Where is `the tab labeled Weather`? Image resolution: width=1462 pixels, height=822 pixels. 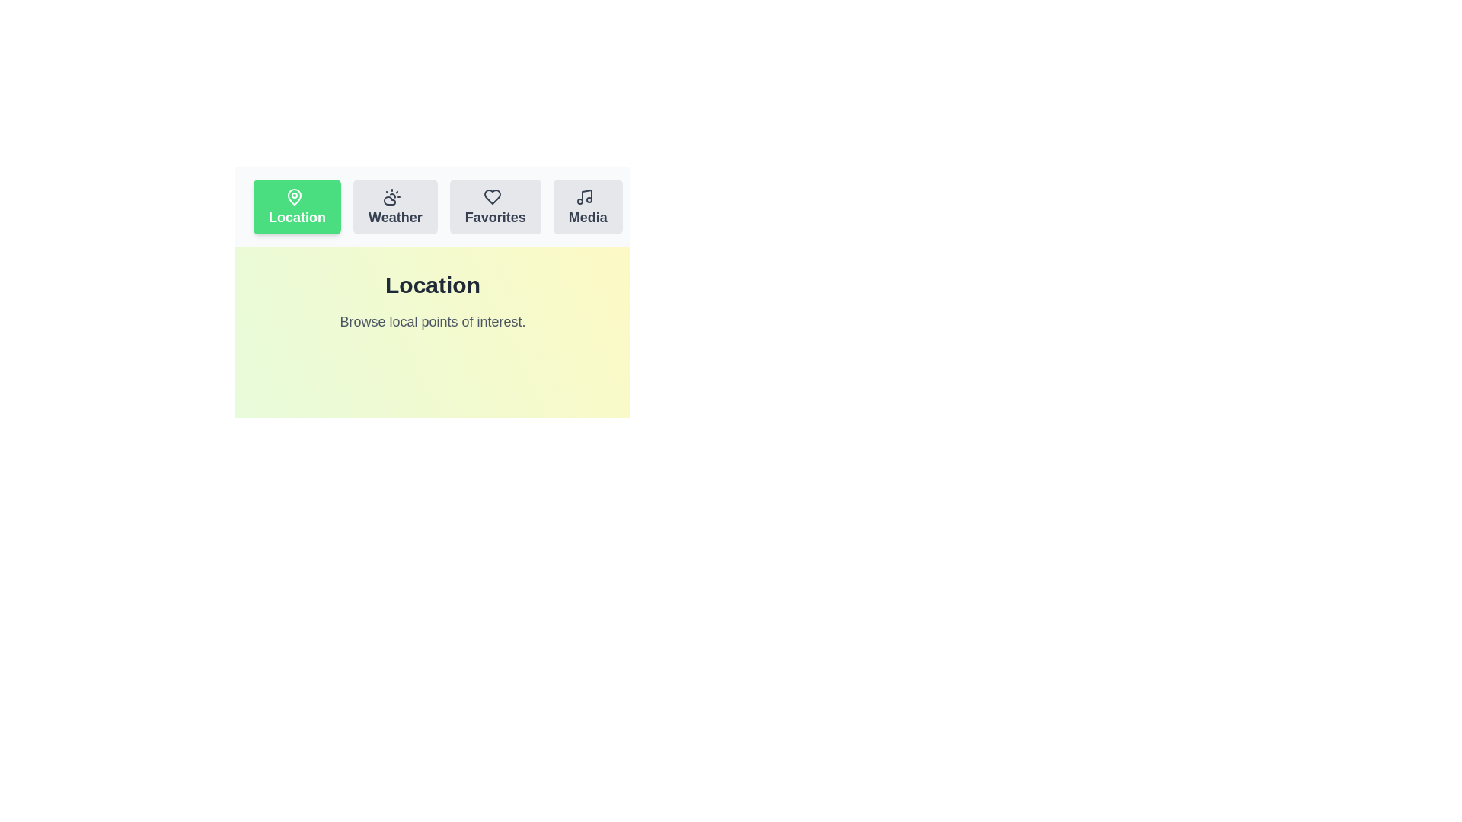
the tab labeled Weather is located at coordinates (395, 207).